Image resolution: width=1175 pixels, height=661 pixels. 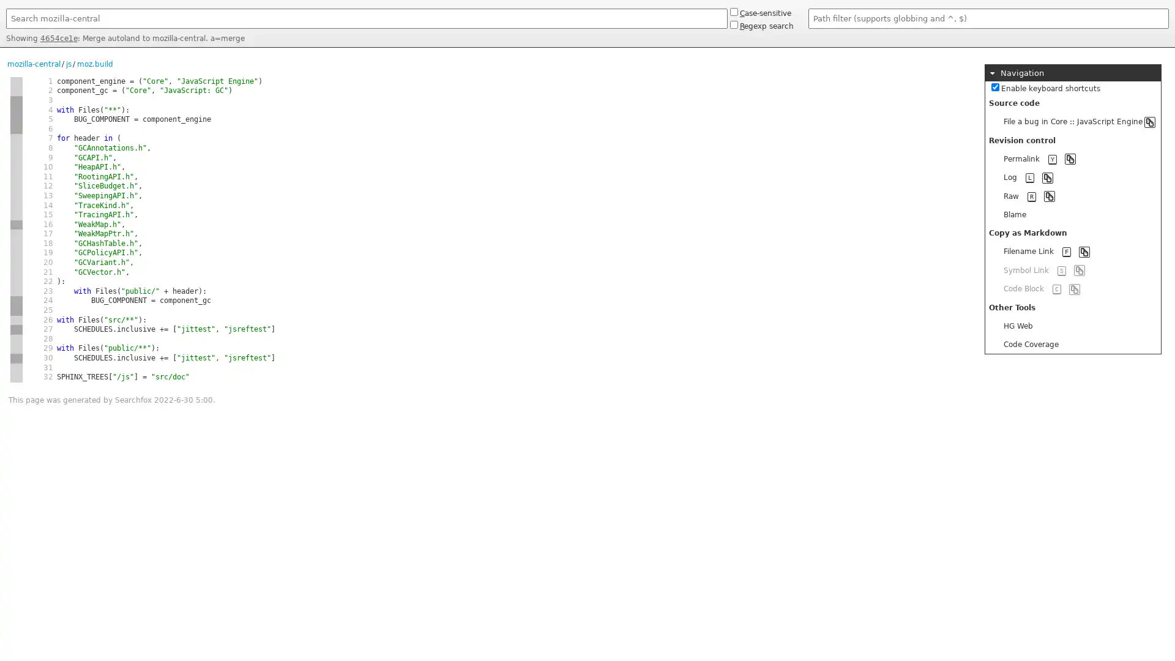 I want to click on Symbol Link S, so click(x=1072, y=269).